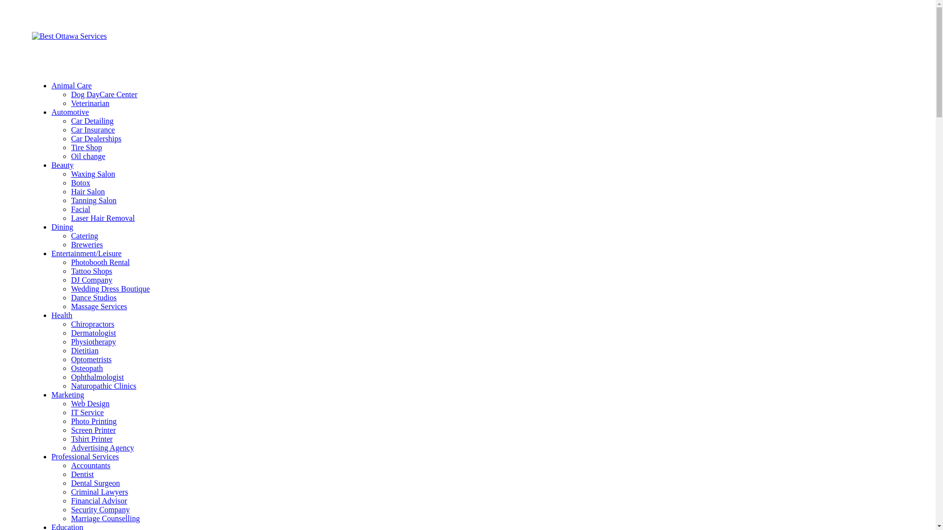 Image resolution: width=943 pixels, height=530 pixels. I want to click on 'Car Dealerships', so click(70, 138).